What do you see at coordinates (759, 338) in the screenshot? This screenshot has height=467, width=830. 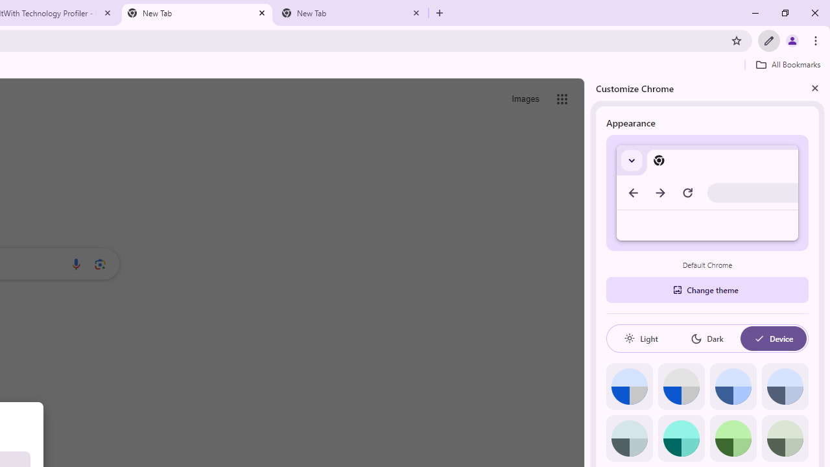 I see `'AutomationID: baseSvg'` at bounding box center [759, 338].